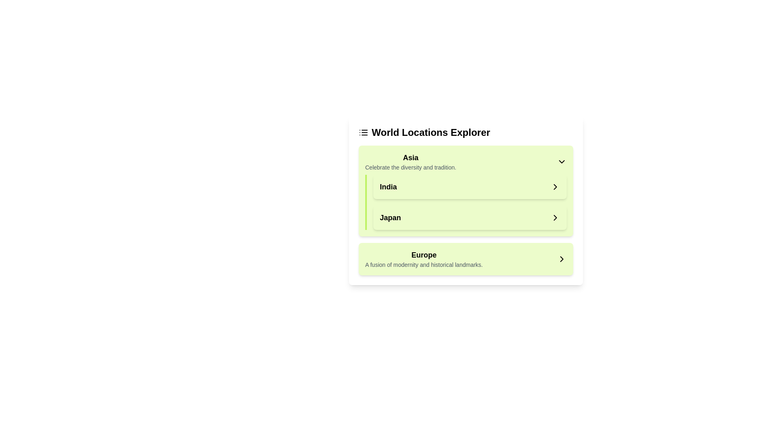 This screenshot has width=780, height=438. I want to click on the text label indicating details related to Japan, which is positioned under the 'Asia' category and below the 'India' label, so click(390, 217).